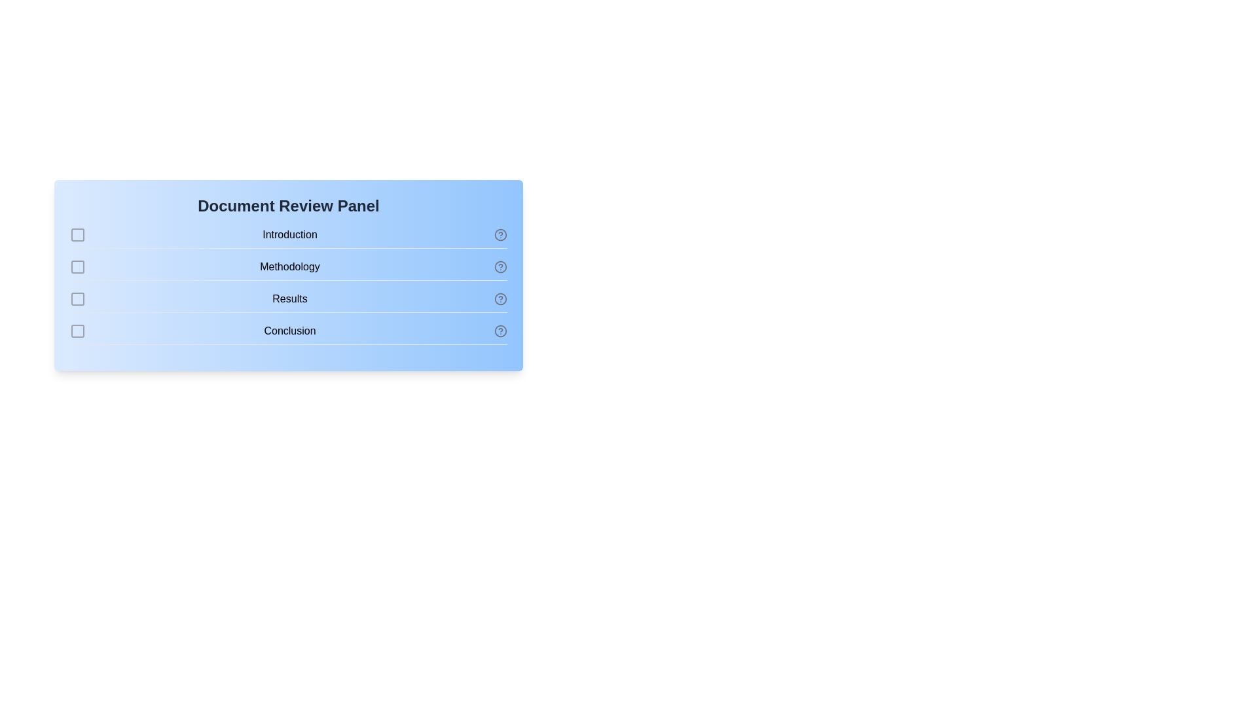  Describe the element at coordinates (77, 299) in the screenshot. I see `the section Results` at that location.